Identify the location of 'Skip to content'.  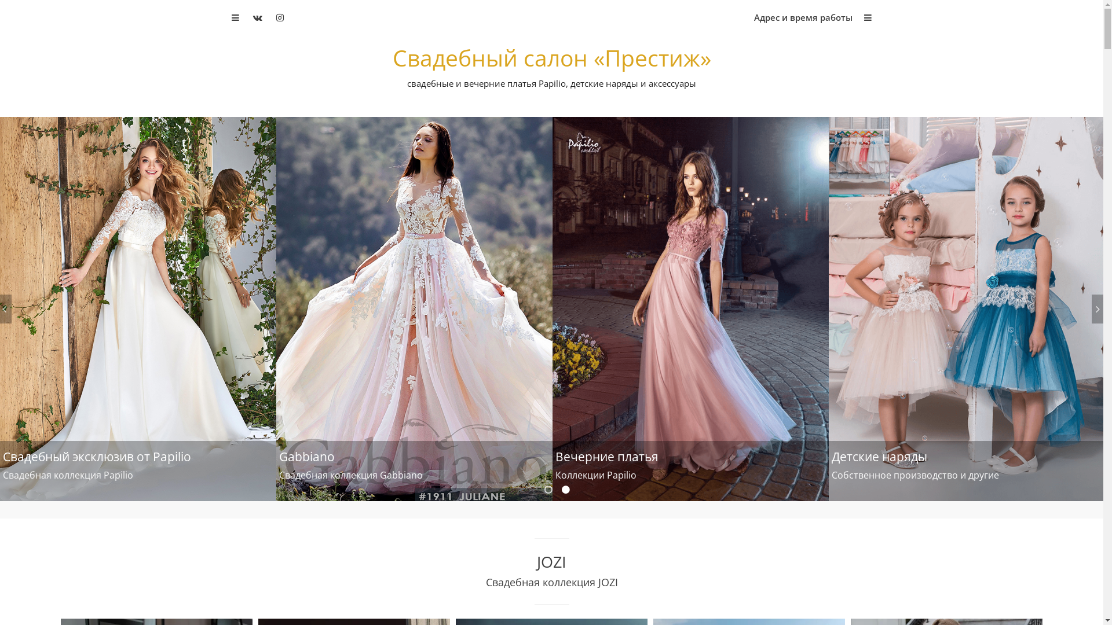
(0, 0).